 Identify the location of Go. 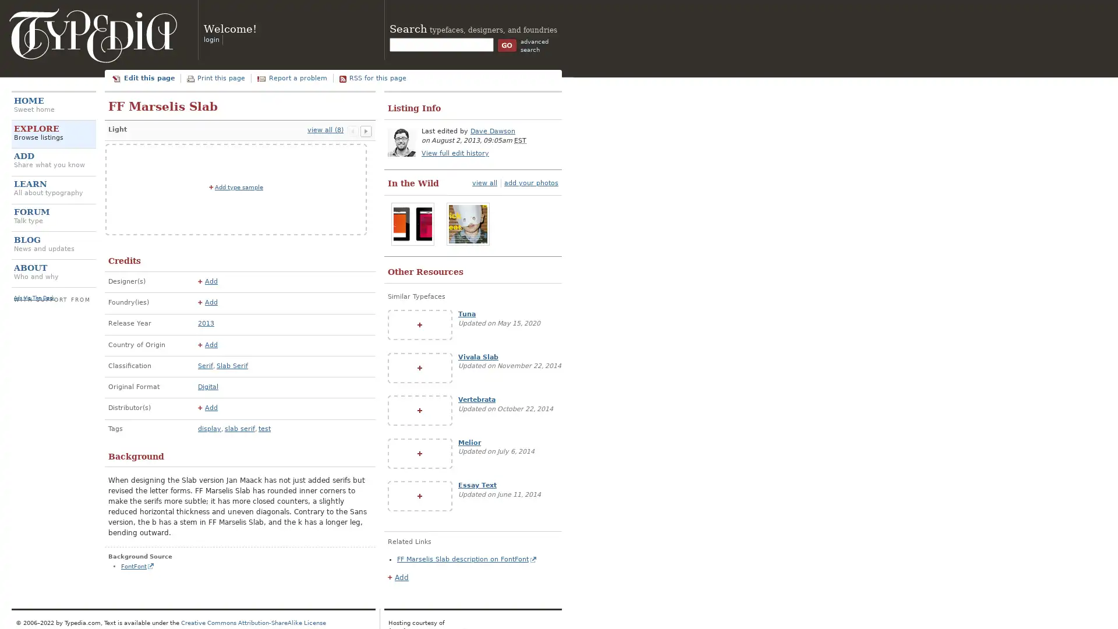
(507, 44).